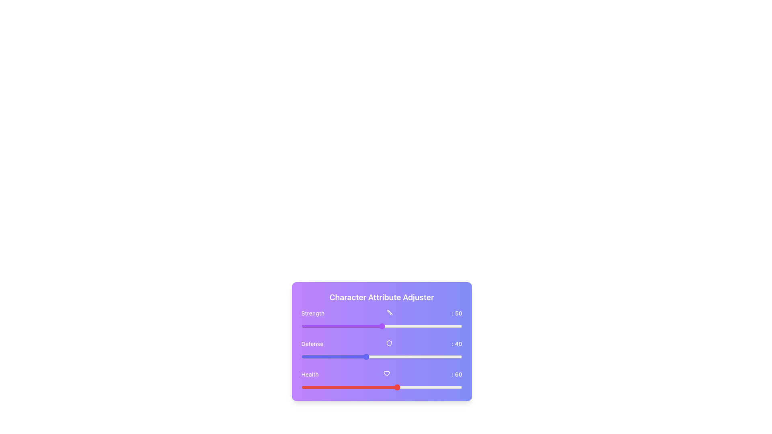 The width and height of the screenshot is (772, 434). What do you see at coordinates (354, 387) in the screenshot?
I see `the Health slider` at bounding box center [354, 387].